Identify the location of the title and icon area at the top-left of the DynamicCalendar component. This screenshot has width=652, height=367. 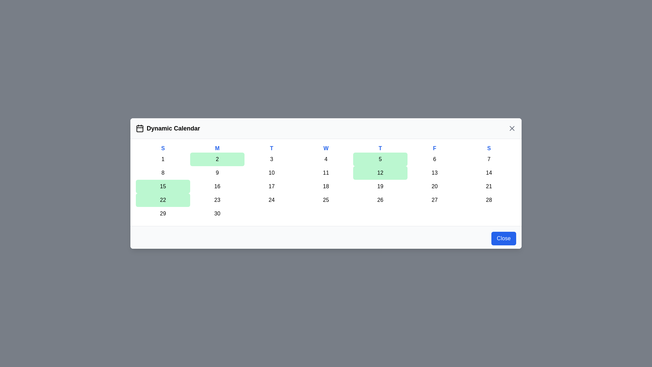
(168, 128).